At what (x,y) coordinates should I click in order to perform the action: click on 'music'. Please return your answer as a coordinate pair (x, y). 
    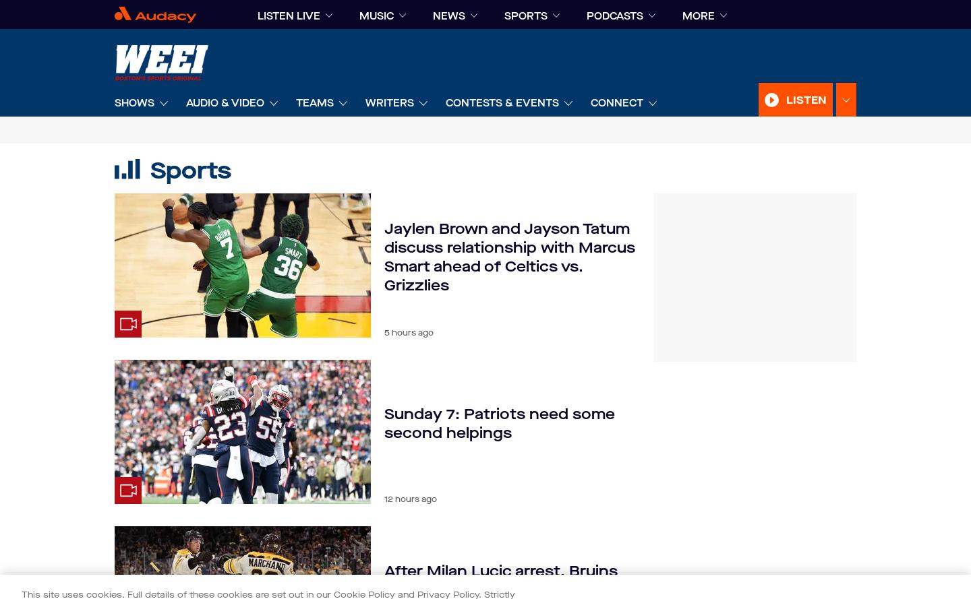
    Looking at the image, I should click on (376, 16).